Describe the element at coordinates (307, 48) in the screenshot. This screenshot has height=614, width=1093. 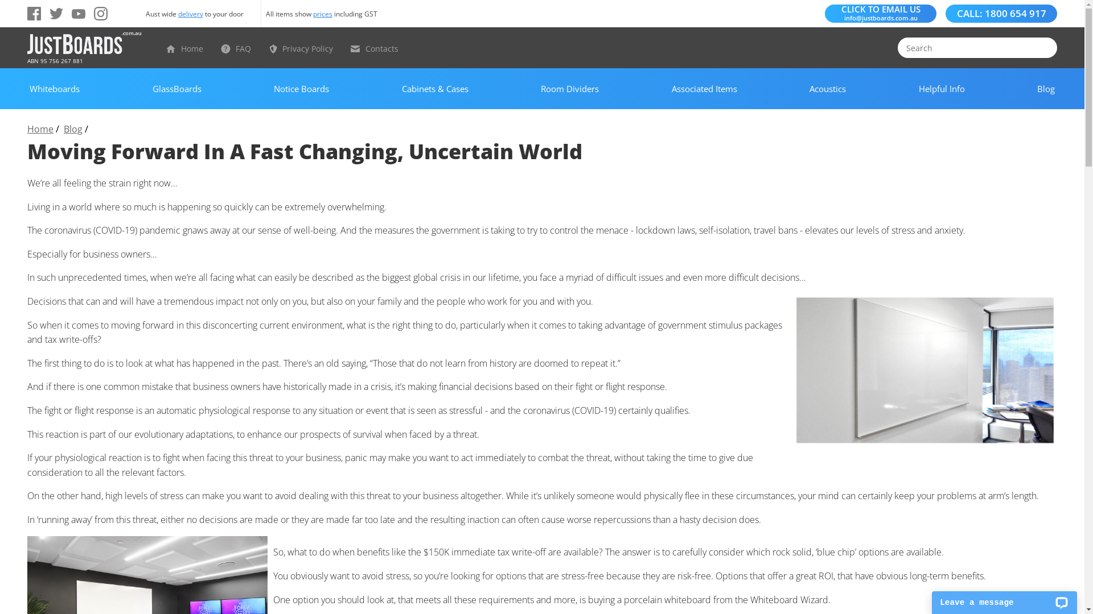
I see `'Privacy Policy'` at that location.